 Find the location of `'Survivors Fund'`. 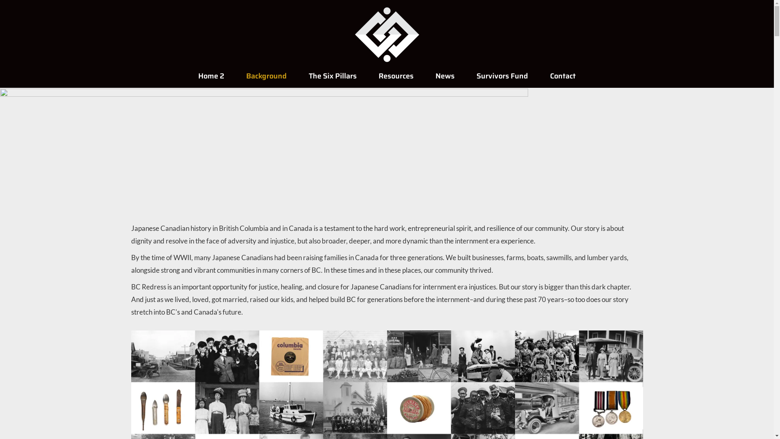

'Survivors Fund' is located at coordinates (466, 76).